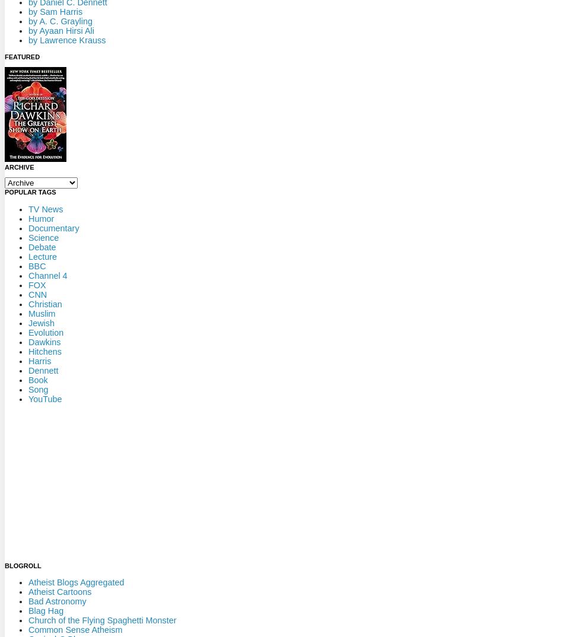  What do you see at coordinates (41, 217) in the screenshot?
I see `'Humor'` at bounding box center [41, 217].